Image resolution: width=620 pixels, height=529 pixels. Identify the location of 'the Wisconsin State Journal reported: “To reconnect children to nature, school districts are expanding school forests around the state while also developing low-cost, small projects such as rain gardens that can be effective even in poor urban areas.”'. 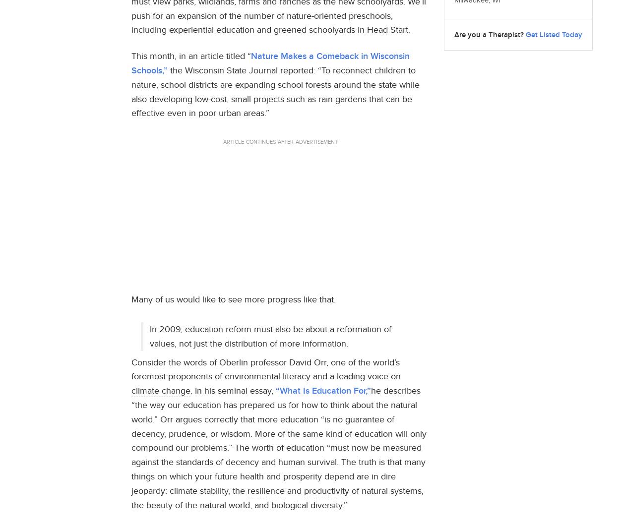
(275, 91).